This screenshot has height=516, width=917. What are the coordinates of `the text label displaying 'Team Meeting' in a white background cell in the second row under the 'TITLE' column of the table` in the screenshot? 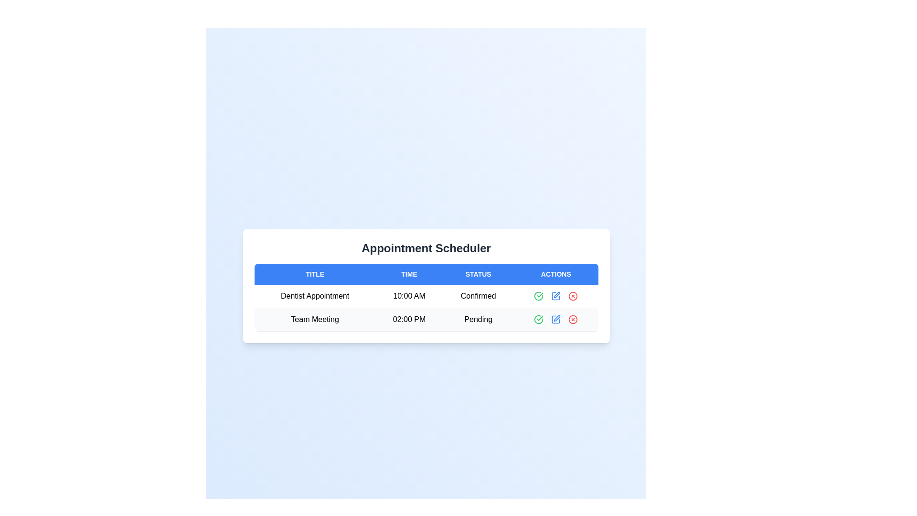 It's located at (315, 319).